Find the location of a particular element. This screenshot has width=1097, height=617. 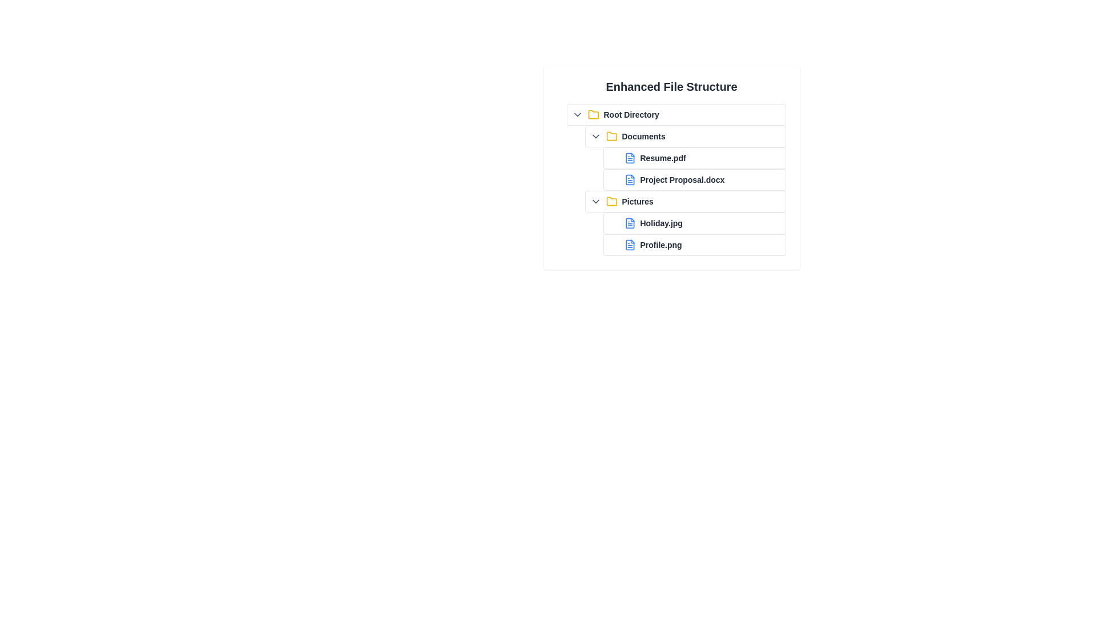

to select the file 'Project Proposal.docx' in the 'Documents' folder of the file manager interface is located at coordinates (689, 180).